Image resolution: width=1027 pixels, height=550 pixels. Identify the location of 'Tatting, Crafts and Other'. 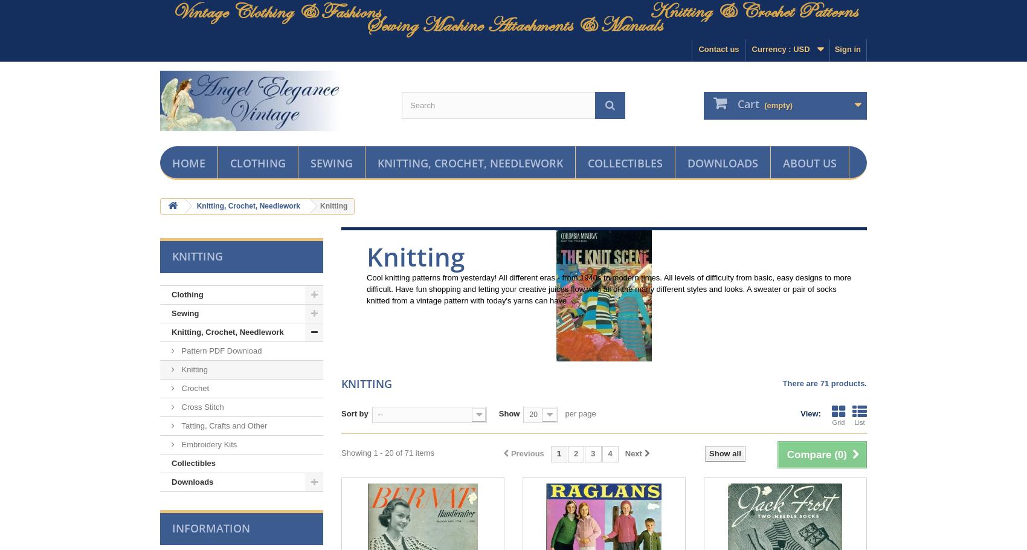
(222, 425).